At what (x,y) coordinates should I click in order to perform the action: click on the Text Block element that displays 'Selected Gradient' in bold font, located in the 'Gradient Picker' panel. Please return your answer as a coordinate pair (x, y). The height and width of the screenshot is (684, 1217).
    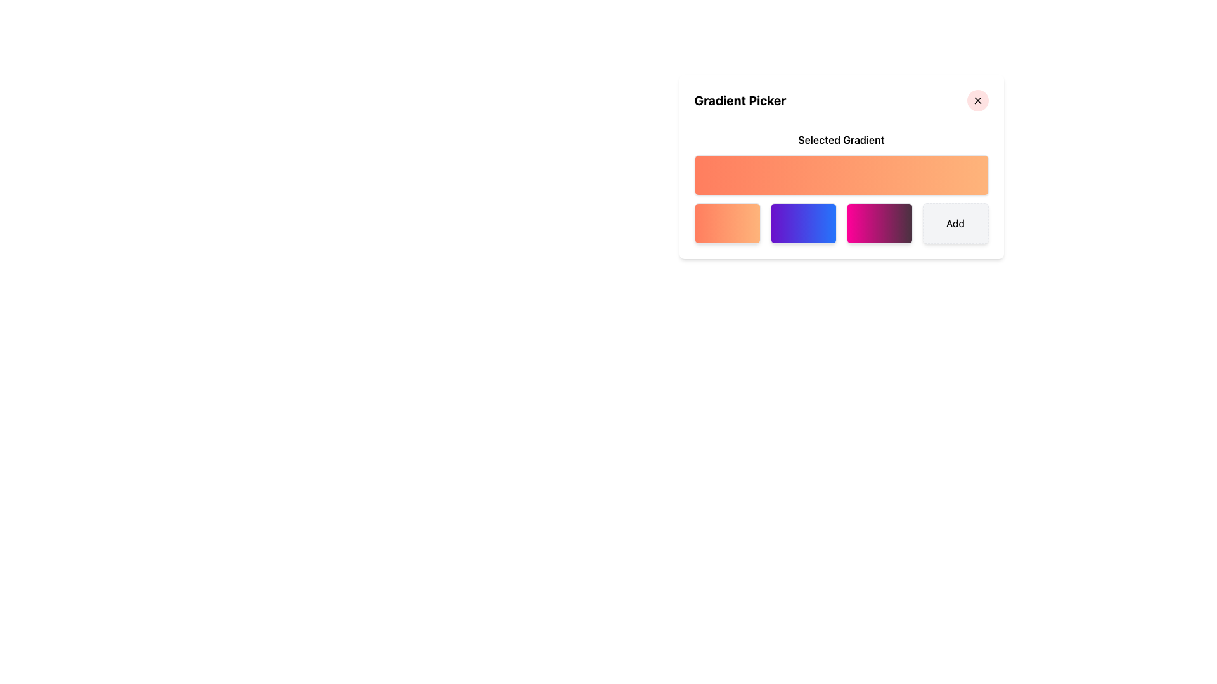
    Looking at the image, I should click on (841, 139).